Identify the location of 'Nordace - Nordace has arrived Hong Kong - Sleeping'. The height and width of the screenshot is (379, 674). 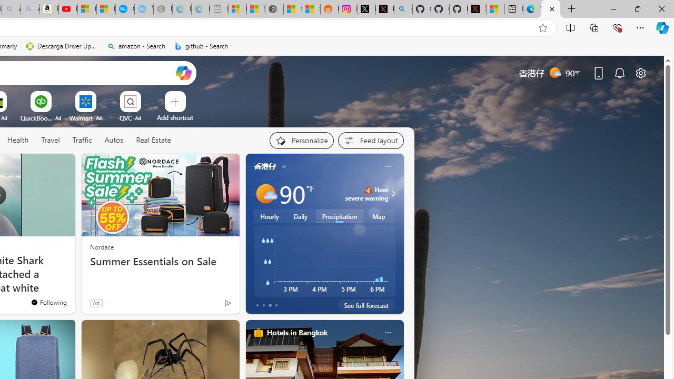
(162, 9).